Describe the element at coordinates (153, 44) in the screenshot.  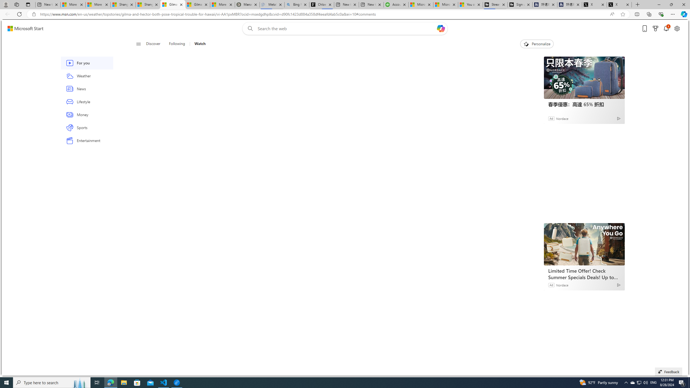
I see `'Discover'` at that location.